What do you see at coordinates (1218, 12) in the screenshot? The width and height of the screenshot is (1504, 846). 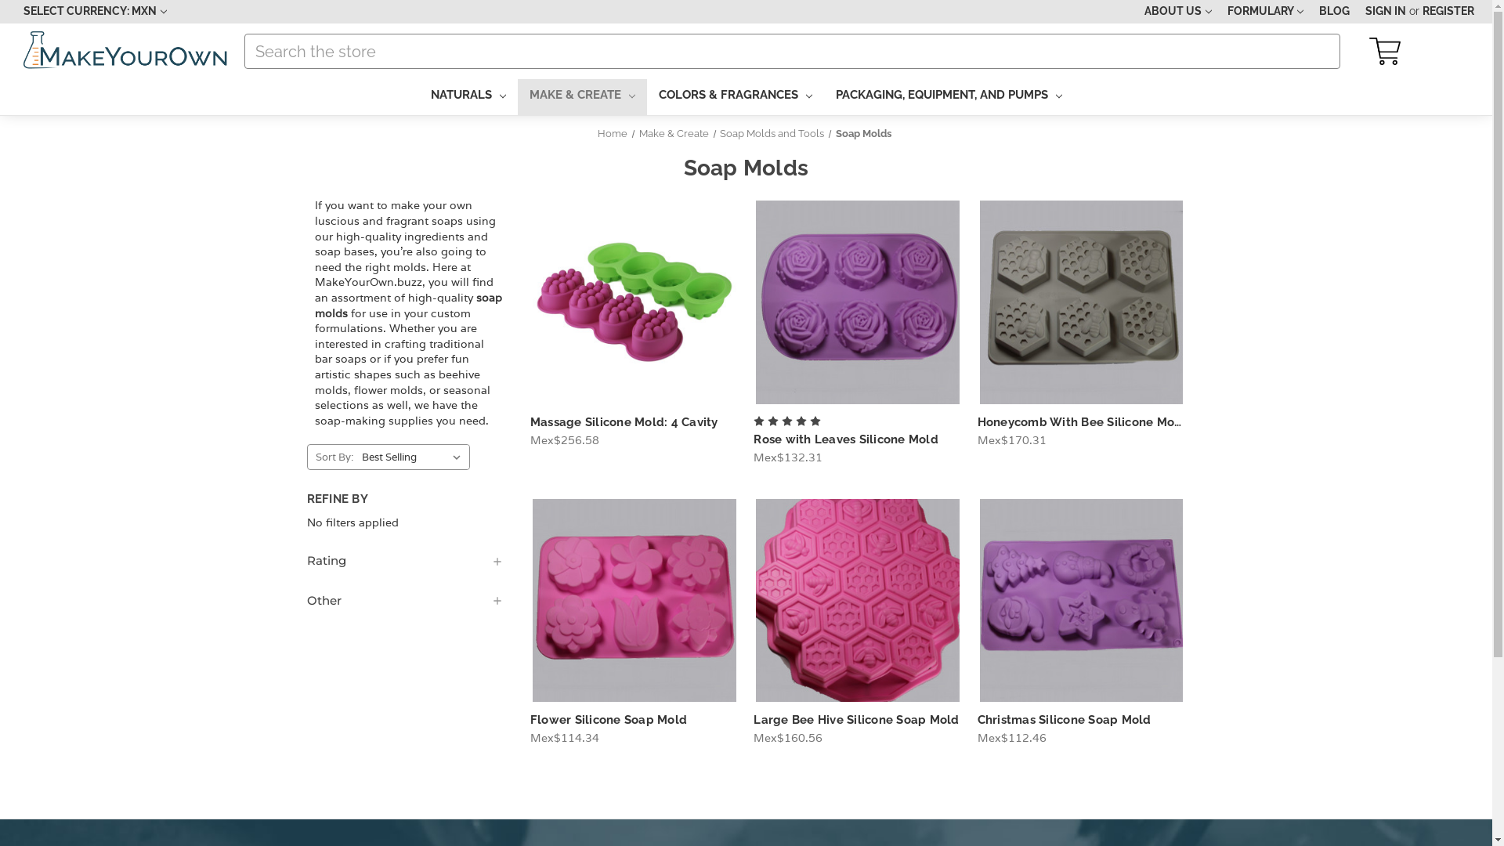 I see `'FORMULARY'` at bounding box center [1218, 12].